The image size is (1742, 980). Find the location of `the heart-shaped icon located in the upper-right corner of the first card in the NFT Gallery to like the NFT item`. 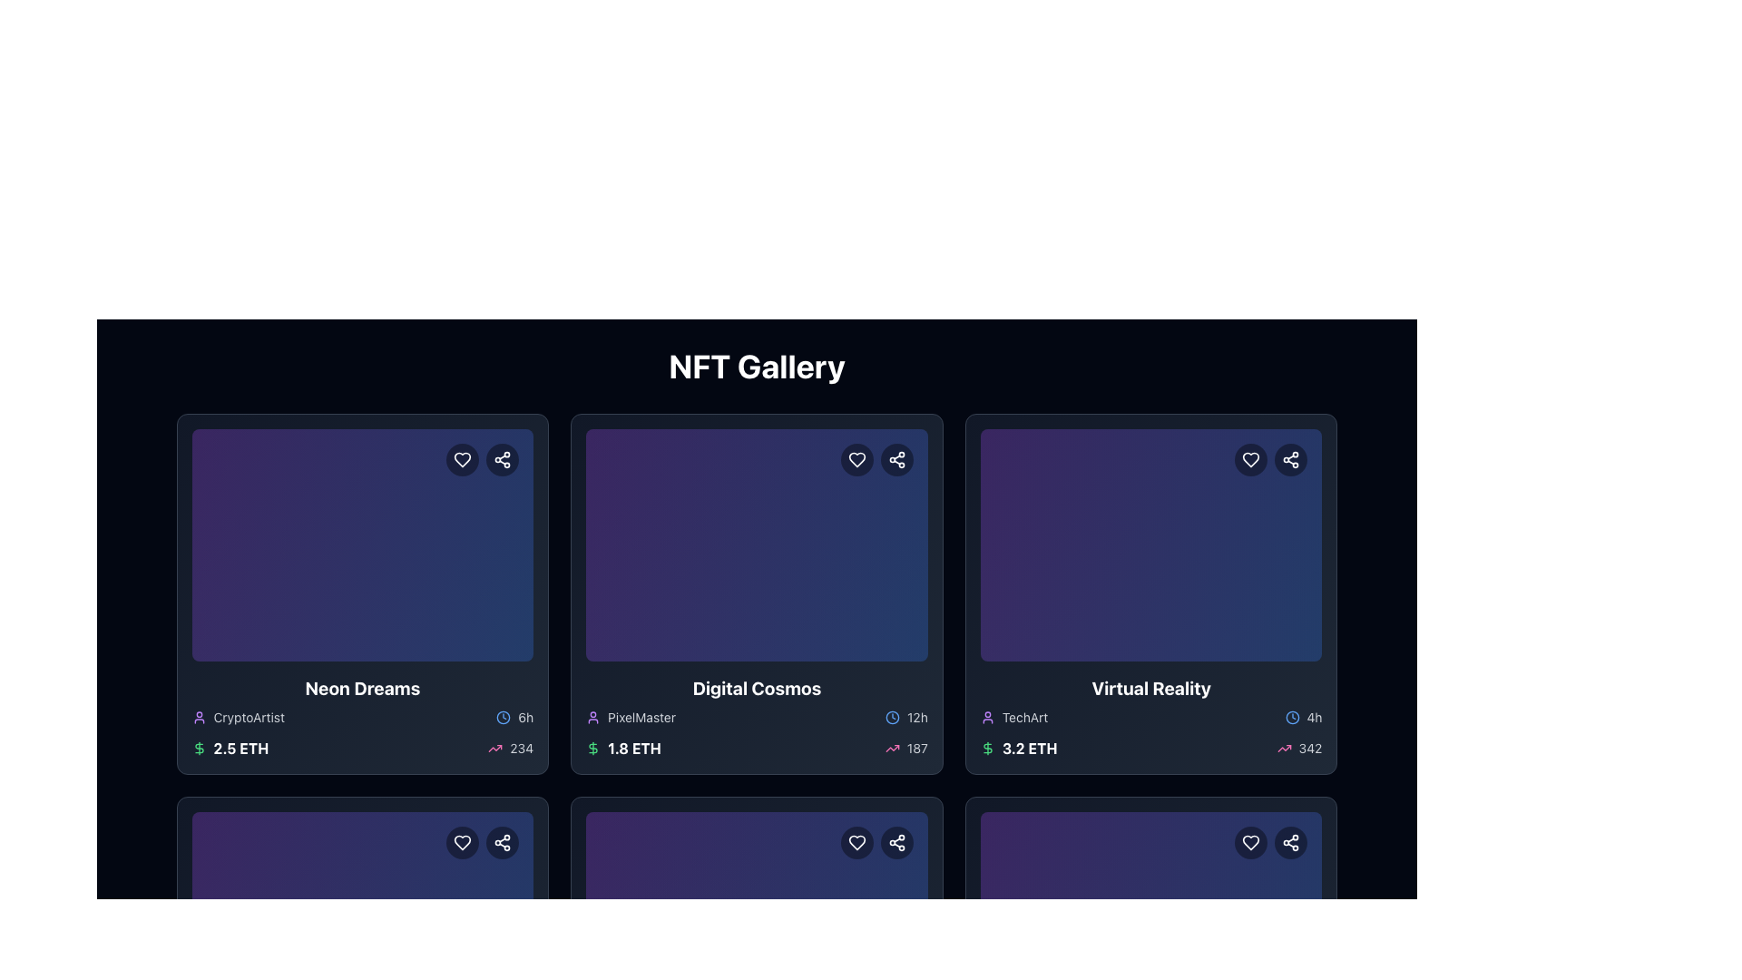

the heart-shaped icon located in the upper-right corner of the first card in the NFT Gallery to like the NFT item is located at coordinates (463, 458).